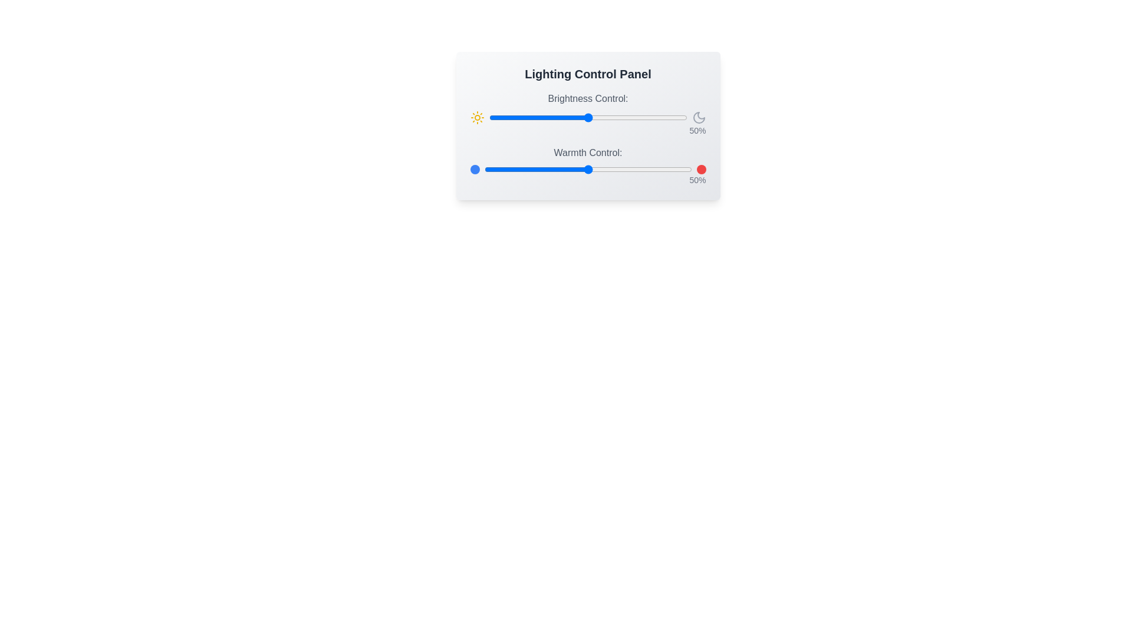  I want to click on the warmth control slider component, which features a blue highlight and a circular marker set at 50%, so click(588, 165).